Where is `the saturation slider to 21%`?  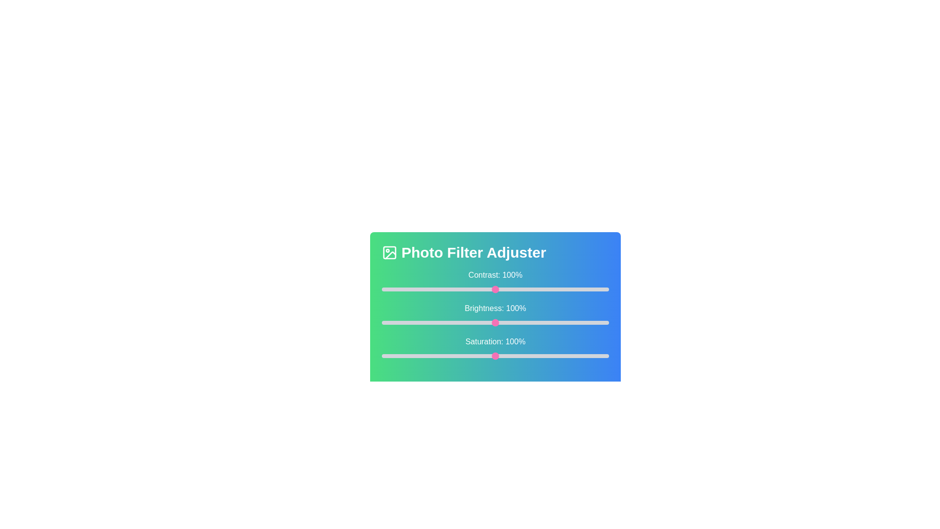 the saturation slider to 21% is located at coordinates (405, 356).